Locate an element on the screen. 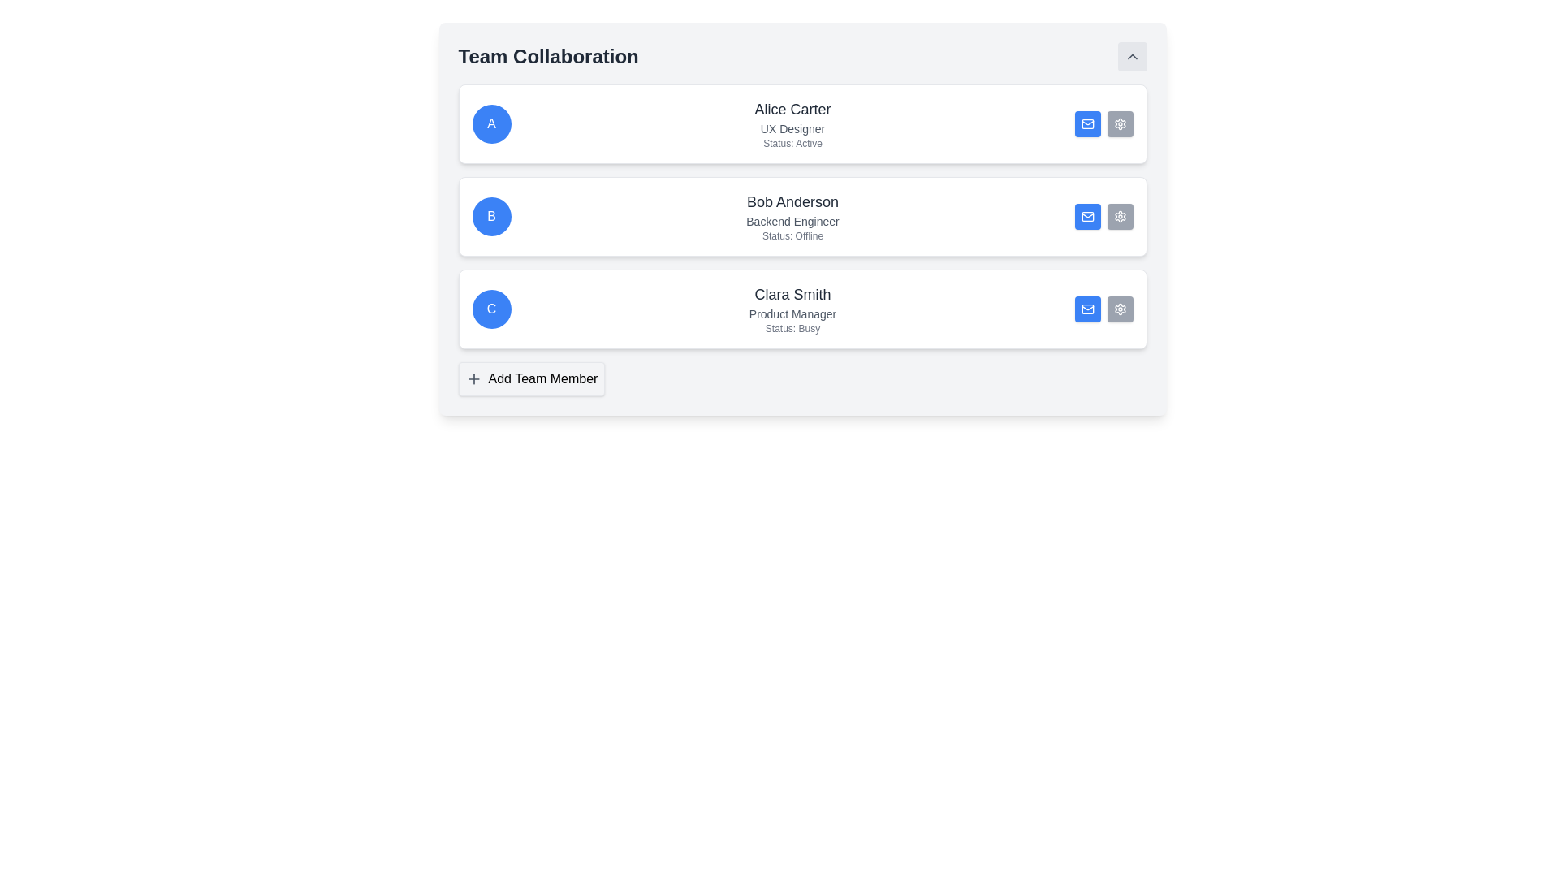  the 'Add Team Member' button located at the bottom of the 'Team Collaboration' section, which has a light gray background, rounded corners, and a plus icon on the left side of the text is located at coordinates (531, 378).